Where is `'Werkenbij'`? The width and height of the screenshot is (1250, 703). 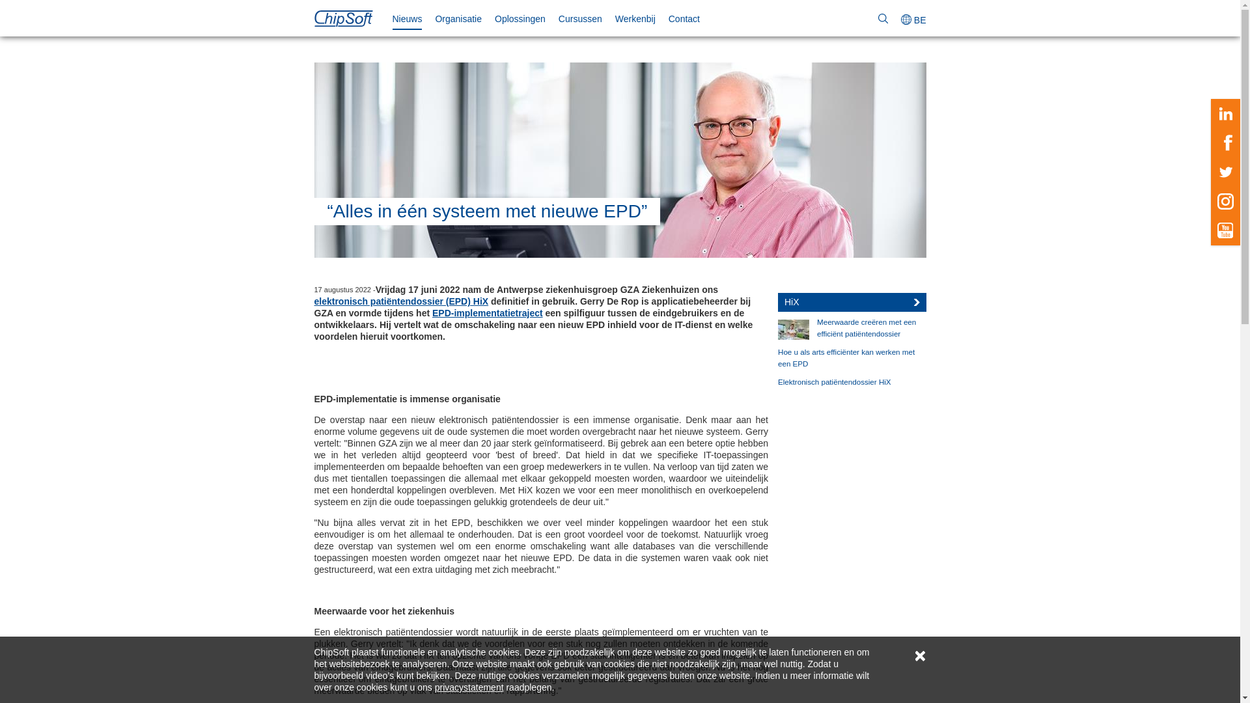
'Werkenbij' is located at coordinates (615, 19).